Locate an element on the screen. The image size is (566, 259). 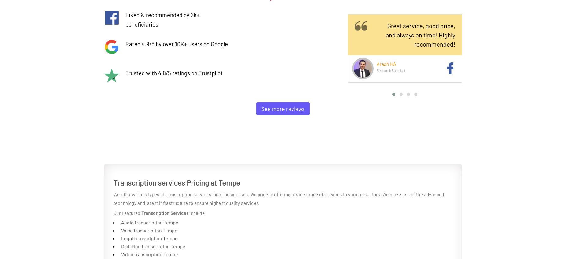
'Video transcription Tempe' is located at coordinates (149, 254).